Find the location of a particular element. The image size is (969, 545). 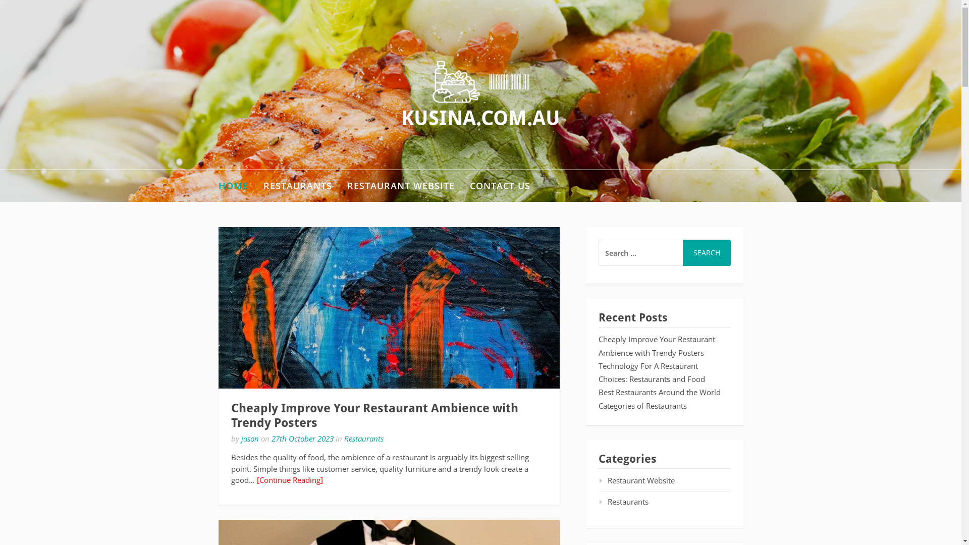

'Categories of Restaurants' is located at coordinates (598, 405).